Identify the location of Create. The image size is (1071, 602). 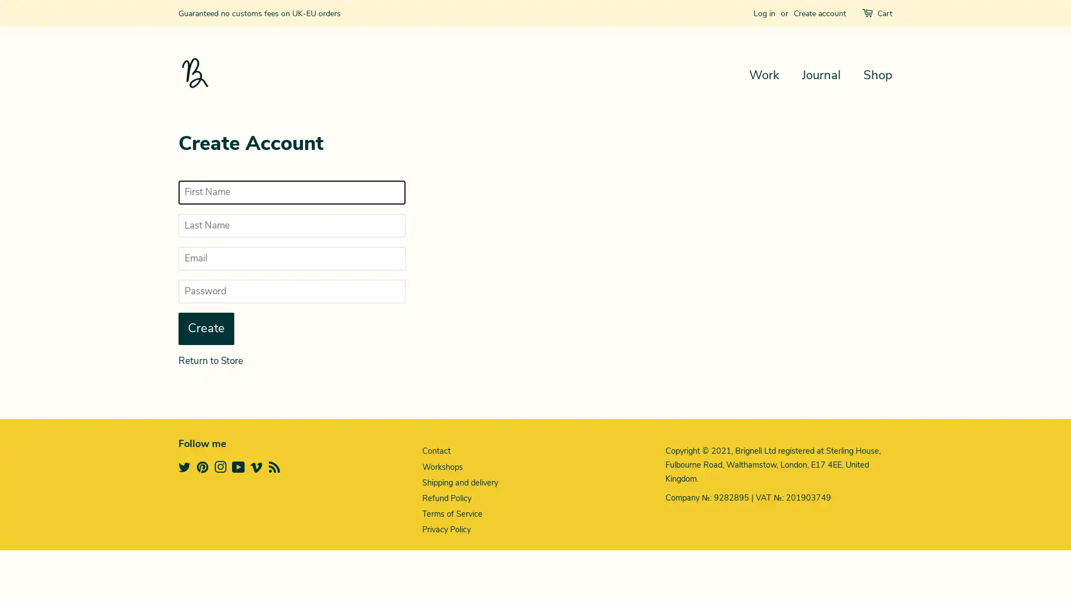
(206, 328).